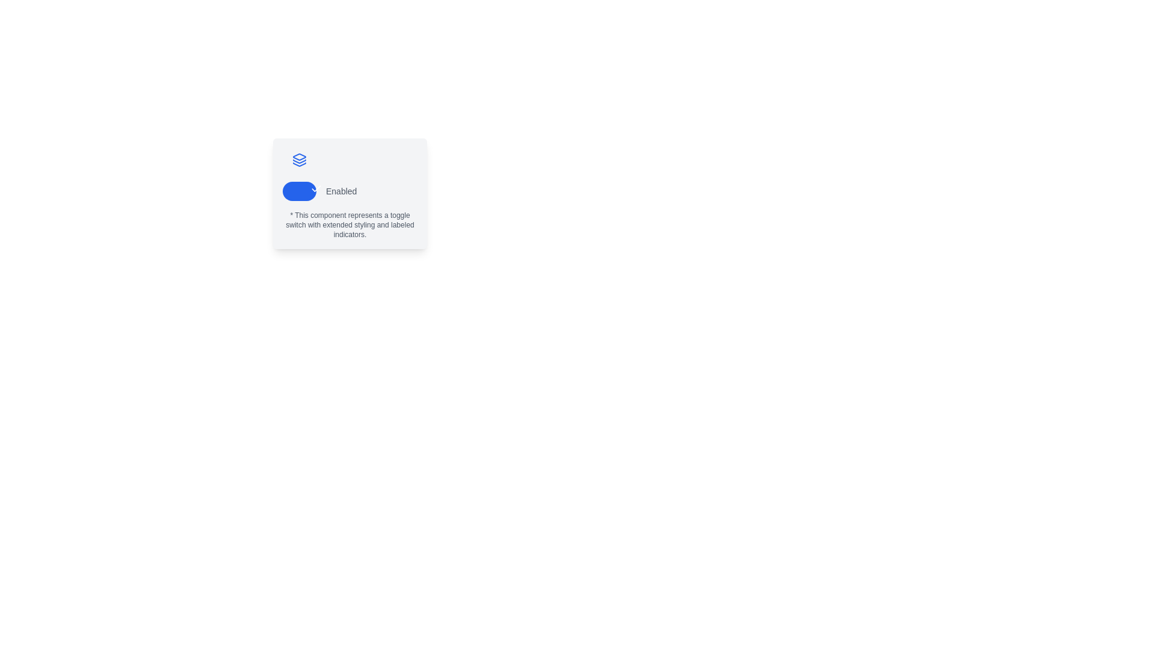 The image size is (1155, 650). Describe the element at coordinates (316, 188) in the screenshot. I see `the checkmark icon within the SVG graphic that indicates a selected state, which is visually aligned with the toggle switch labeled 'Enabled'` at that location.